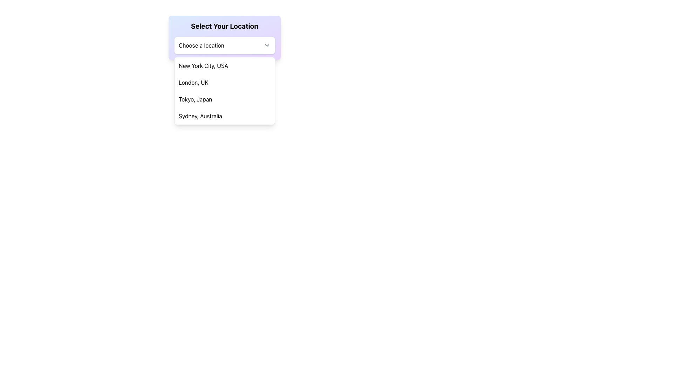 The width and height of the screenshot is (673, 378). What do you see at coordinates (225, 115) in the screenshot?
I see `the fourth item in the dropdown menu representing 'Sydney, Australia'` at bounding box center [225, 115].